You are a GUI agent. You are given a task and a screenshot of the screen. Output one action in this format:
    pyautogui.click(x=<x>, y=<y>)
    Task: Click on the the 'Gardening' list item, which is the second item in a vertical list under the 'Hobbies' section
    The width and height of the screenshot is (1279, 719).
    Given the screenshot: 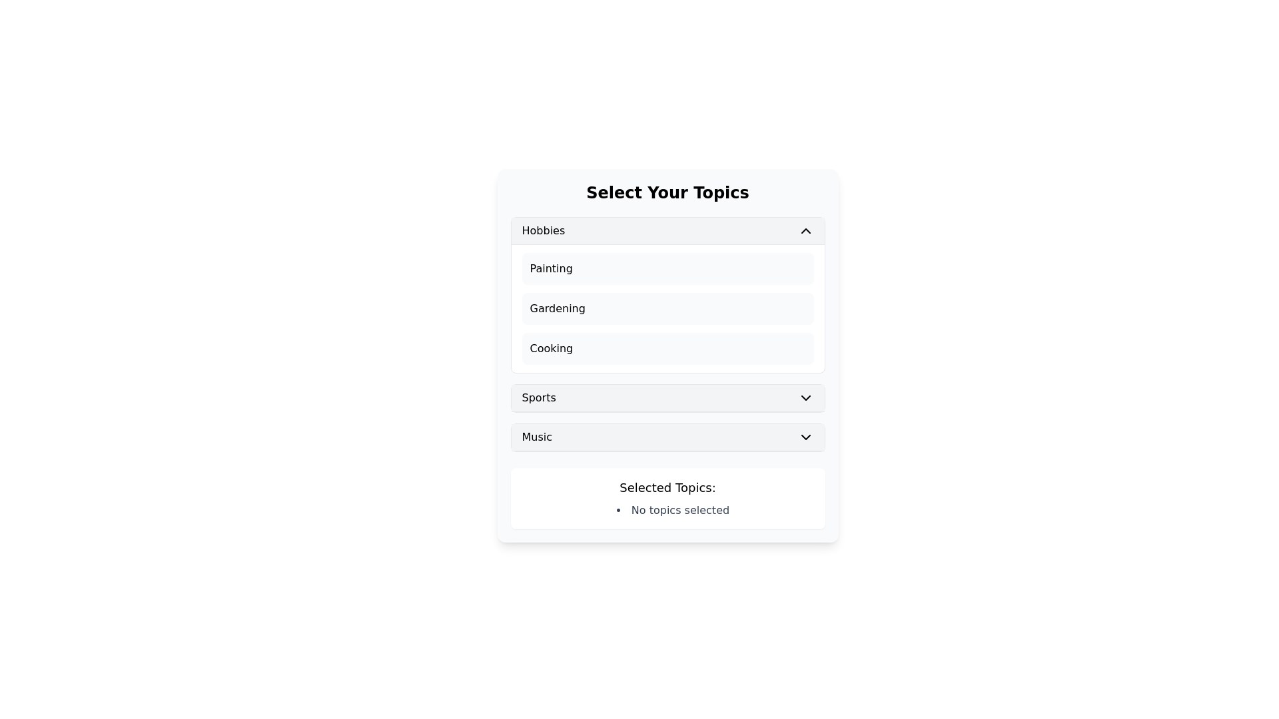 What is the action you would take?
    pyautogui.click(x=667, y=308)
    